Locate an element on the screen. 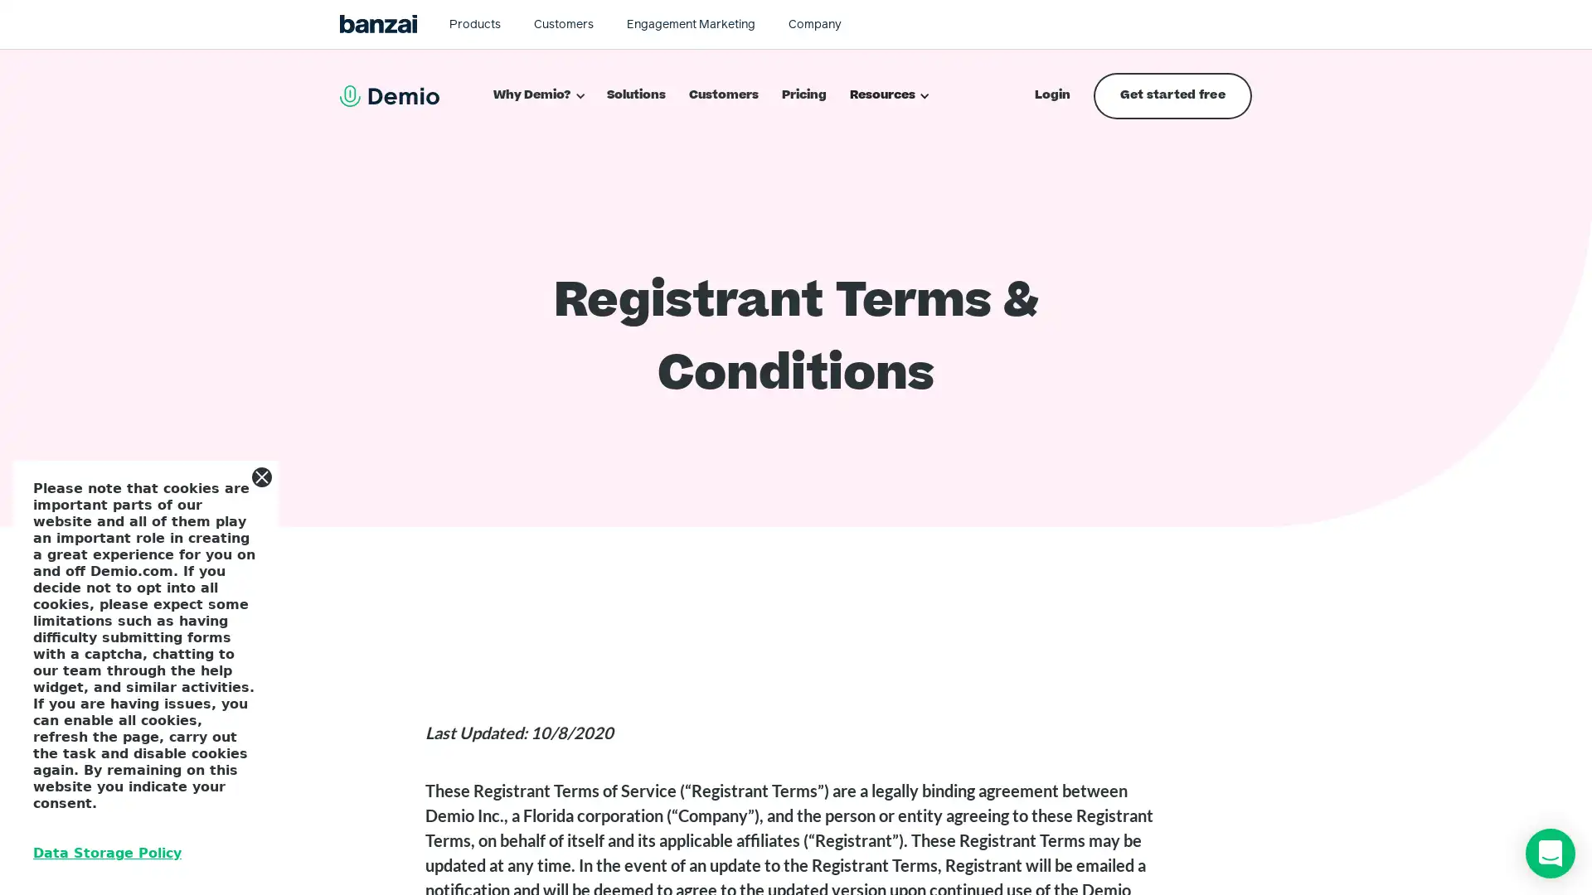  Close this dialog is located at coordinates (261, 477).